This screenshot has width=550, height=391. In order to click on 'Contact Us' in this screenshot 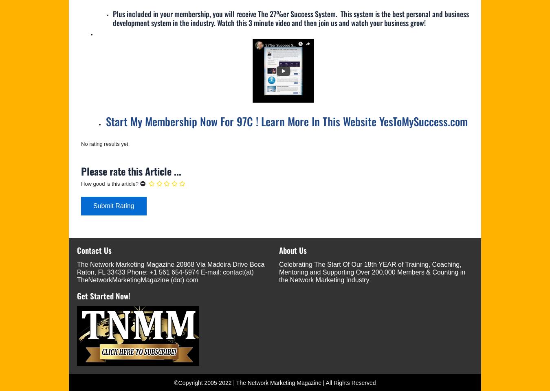, I will do `click(94, 249)`.